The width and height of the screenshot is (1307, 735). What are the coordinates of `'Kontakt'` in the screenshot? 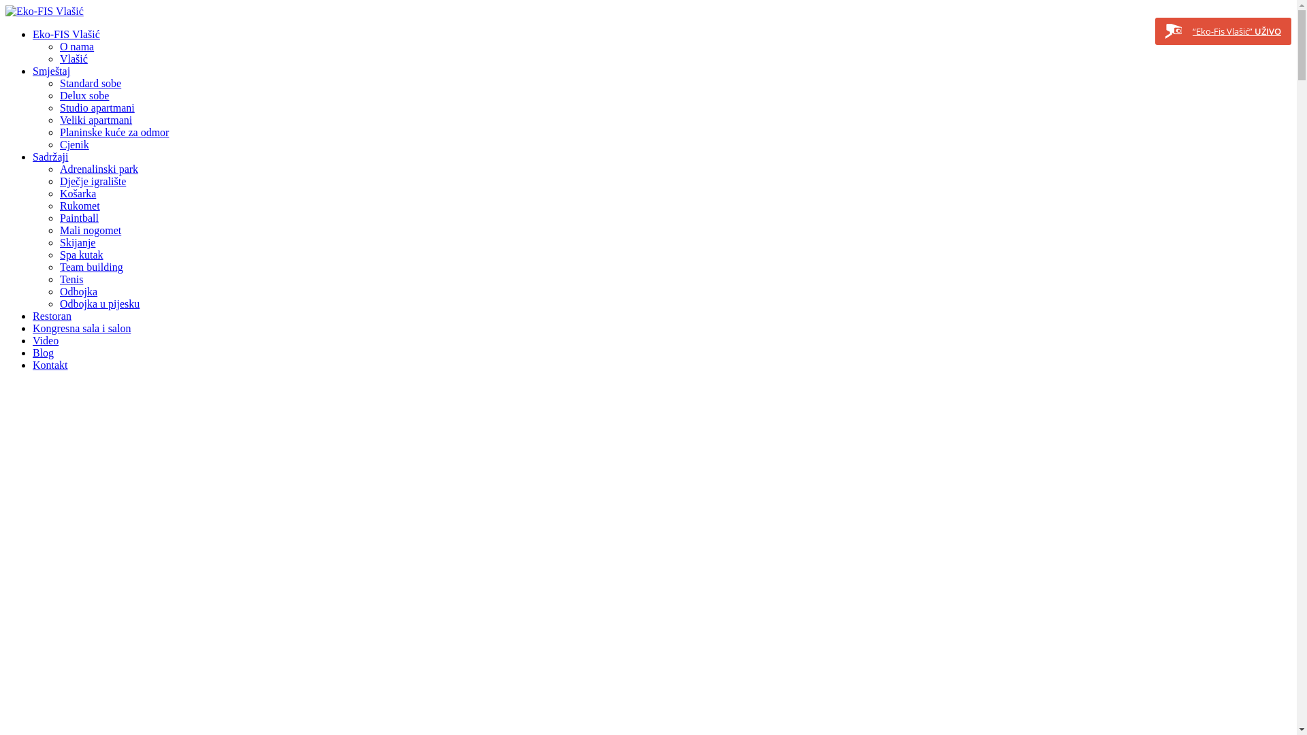 It's located at (50, 364).